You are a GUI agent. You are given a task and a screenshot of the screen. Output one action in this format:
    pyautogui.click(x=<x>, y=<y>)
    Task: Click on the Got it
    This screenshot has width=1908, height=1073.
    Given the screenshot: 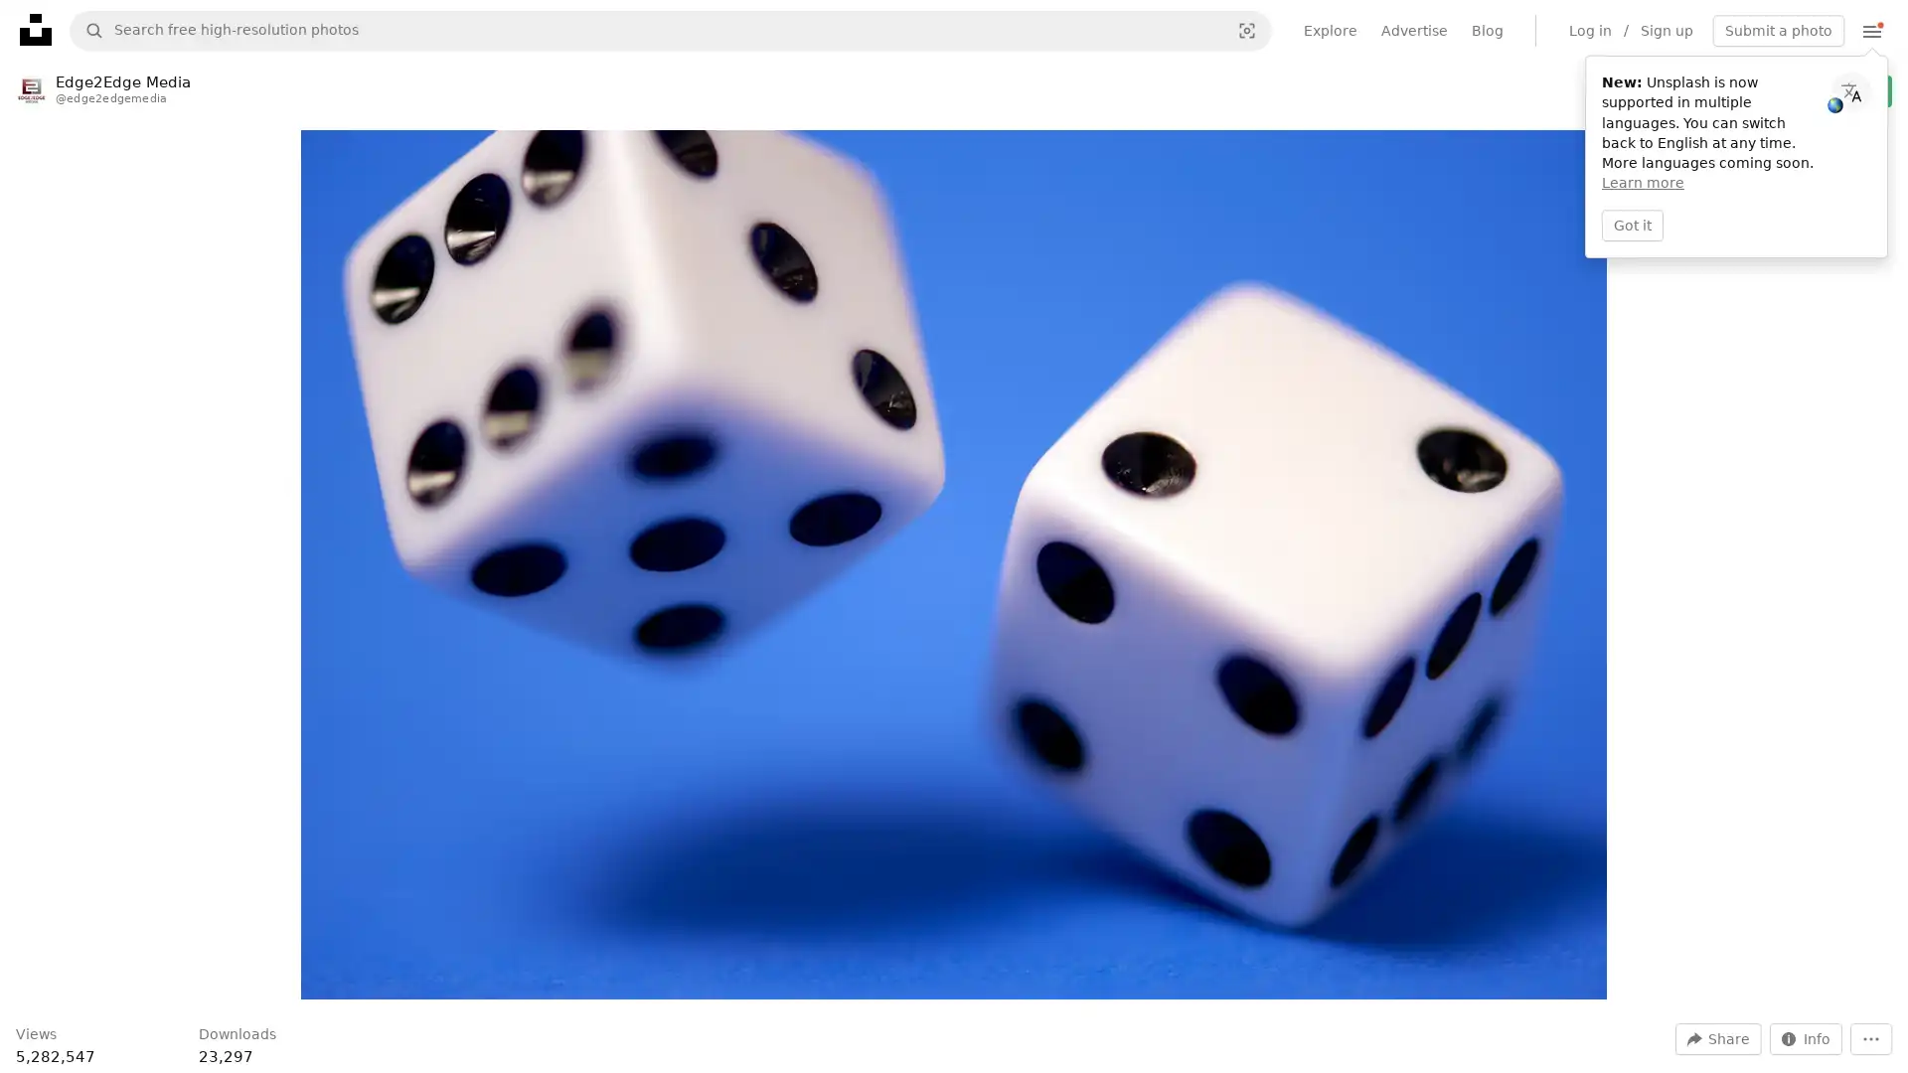 What is the action you would take?
    pyautogui.click(x=1632, y=224)
    